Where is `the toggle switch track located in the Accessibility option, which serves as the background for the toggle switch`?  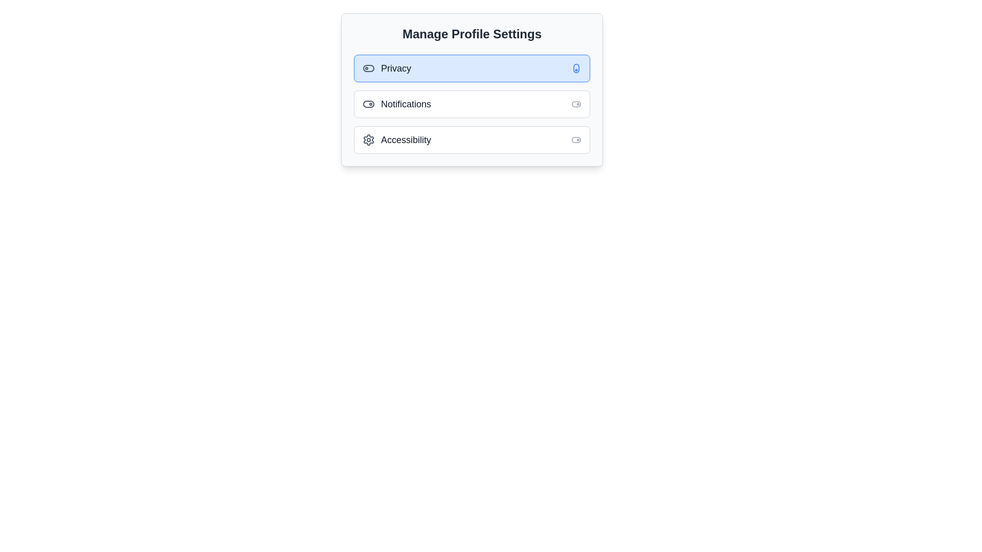
the toggle switch track located in the Accessibility option, which serves as the background for the toggle switch is located at coordinates (576, 140).